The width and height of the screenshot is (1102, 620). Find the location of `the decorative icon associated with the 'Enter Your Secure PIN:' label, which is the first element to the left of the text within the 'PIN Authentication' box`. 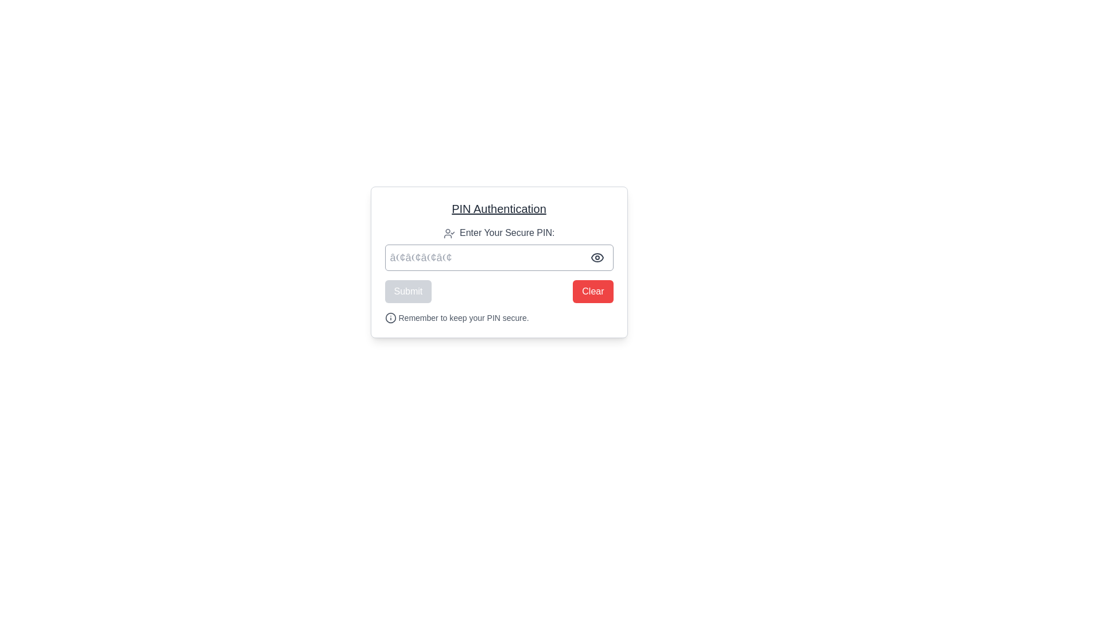

the decorative icon associated with the 'Enter Your Secure PIN:' label, which is the first element to the left of the text within the 'PIN Authentication' box is located at coordinates (448, 232).